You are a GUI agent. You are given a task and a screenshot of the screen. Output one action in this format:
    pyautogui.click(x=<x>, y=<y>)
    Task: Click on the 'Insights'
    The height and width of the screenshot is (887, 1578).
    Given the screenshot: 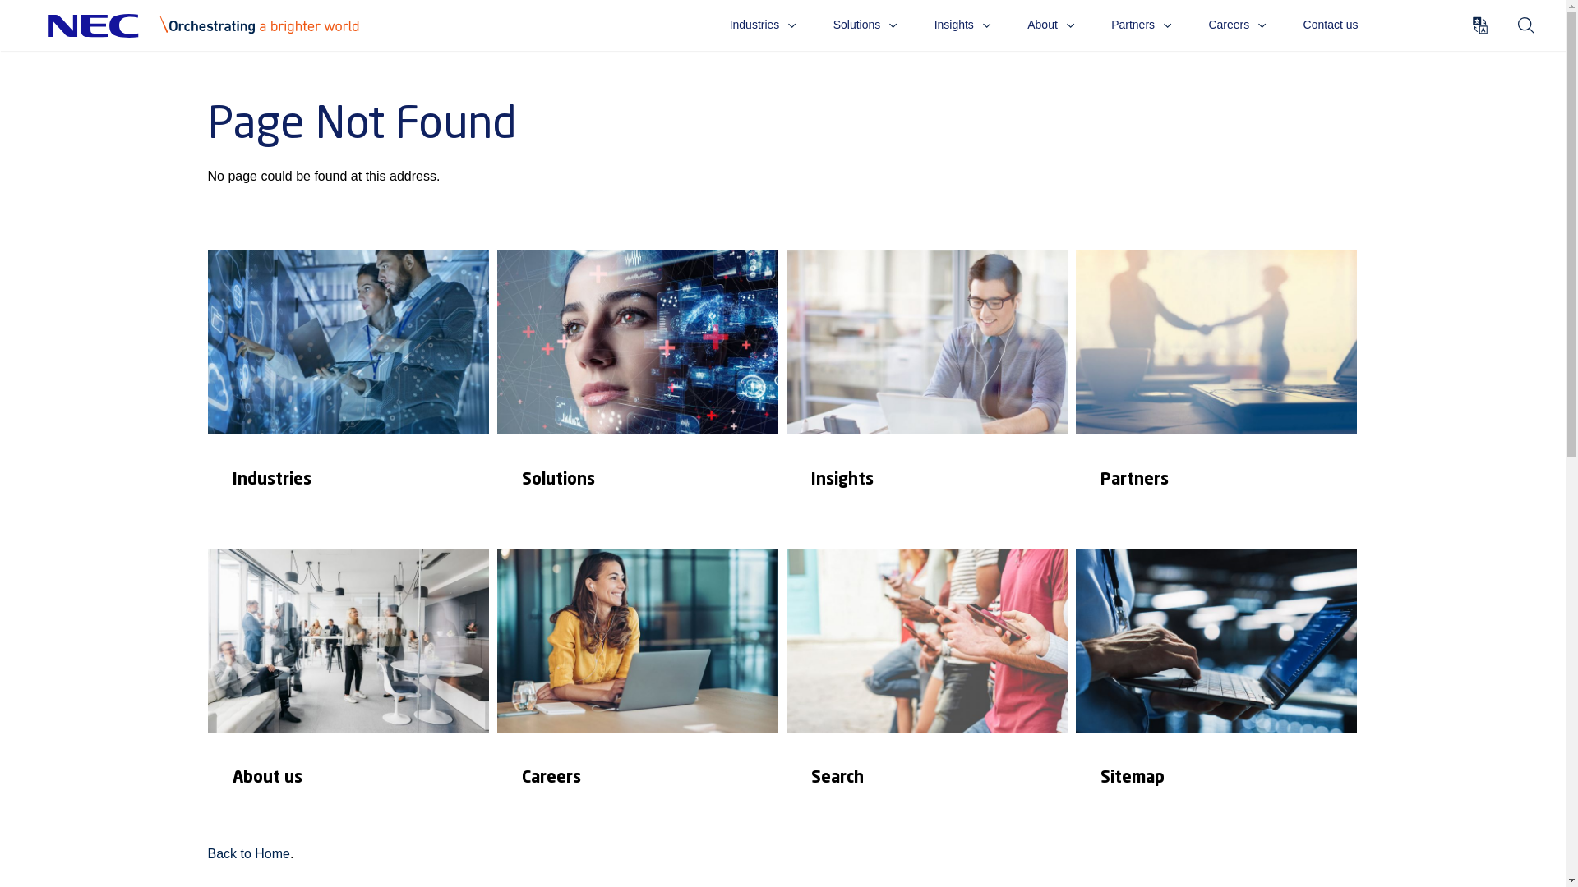 What is the action you would take?
    pyautogui.click(x=926, y=395)
    